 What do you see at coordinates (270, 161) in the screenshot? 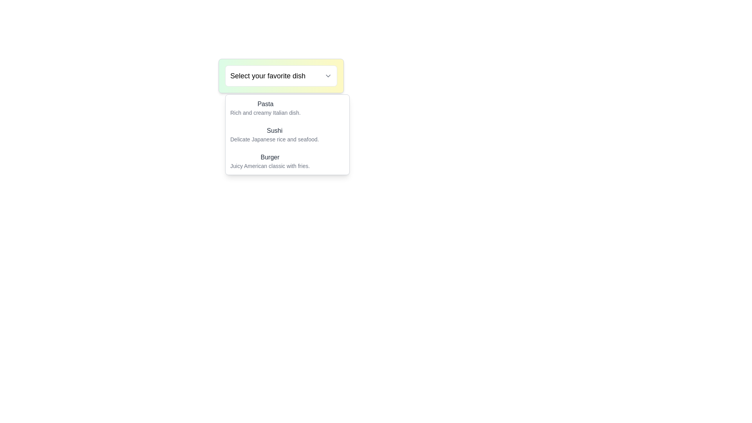
I see `the 'Burger' text element in the dropdown menu` at bounding box center [270, 161].